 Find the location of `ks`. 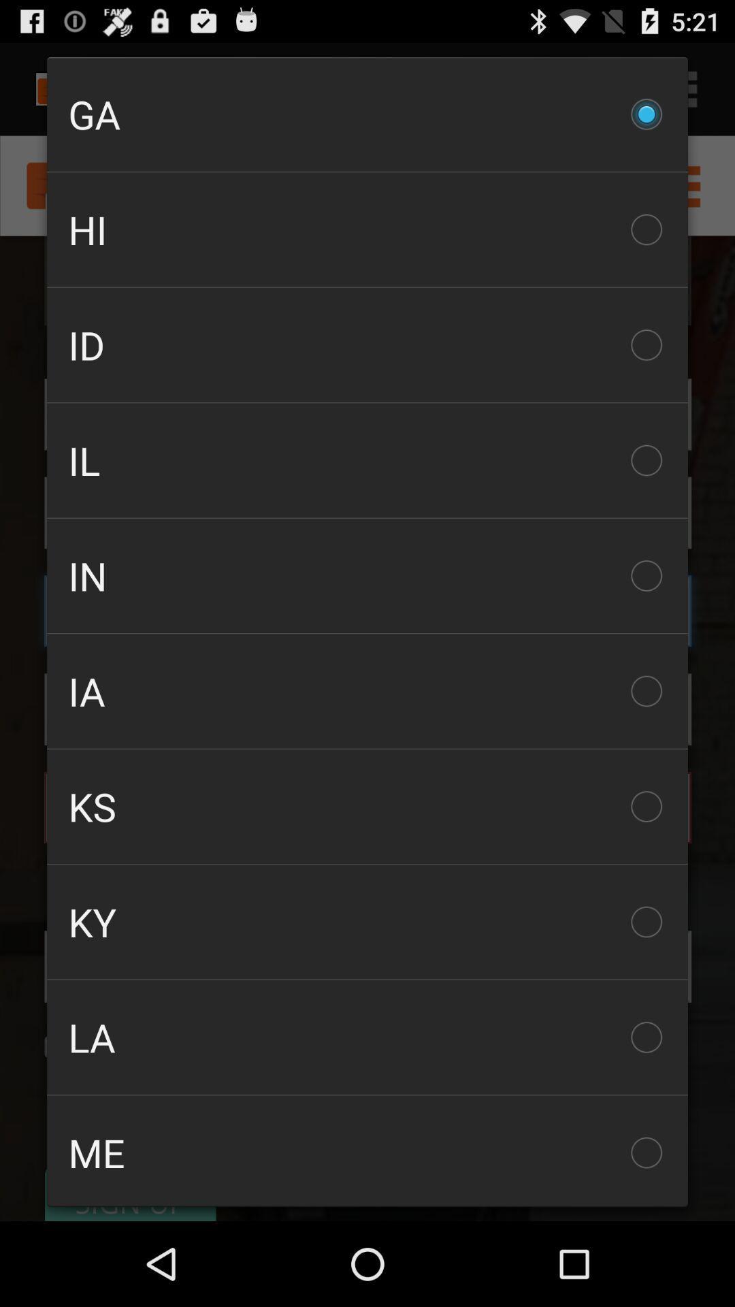

ks is located at coordinates (367, 807).